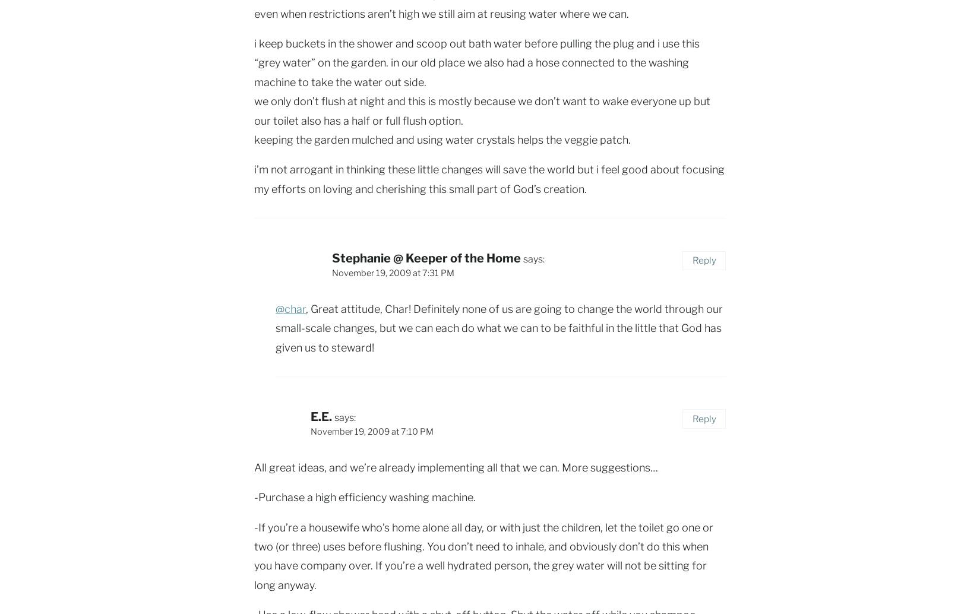 The height and width of the screenshot is (614, 980). Describe the element at coordinates (481, 110) in the screenshot. I see `'we only don’t flush at night and this is mostly because we don’t want to wake everyone up but our toilet also has a half or full flush option.'` at that location.